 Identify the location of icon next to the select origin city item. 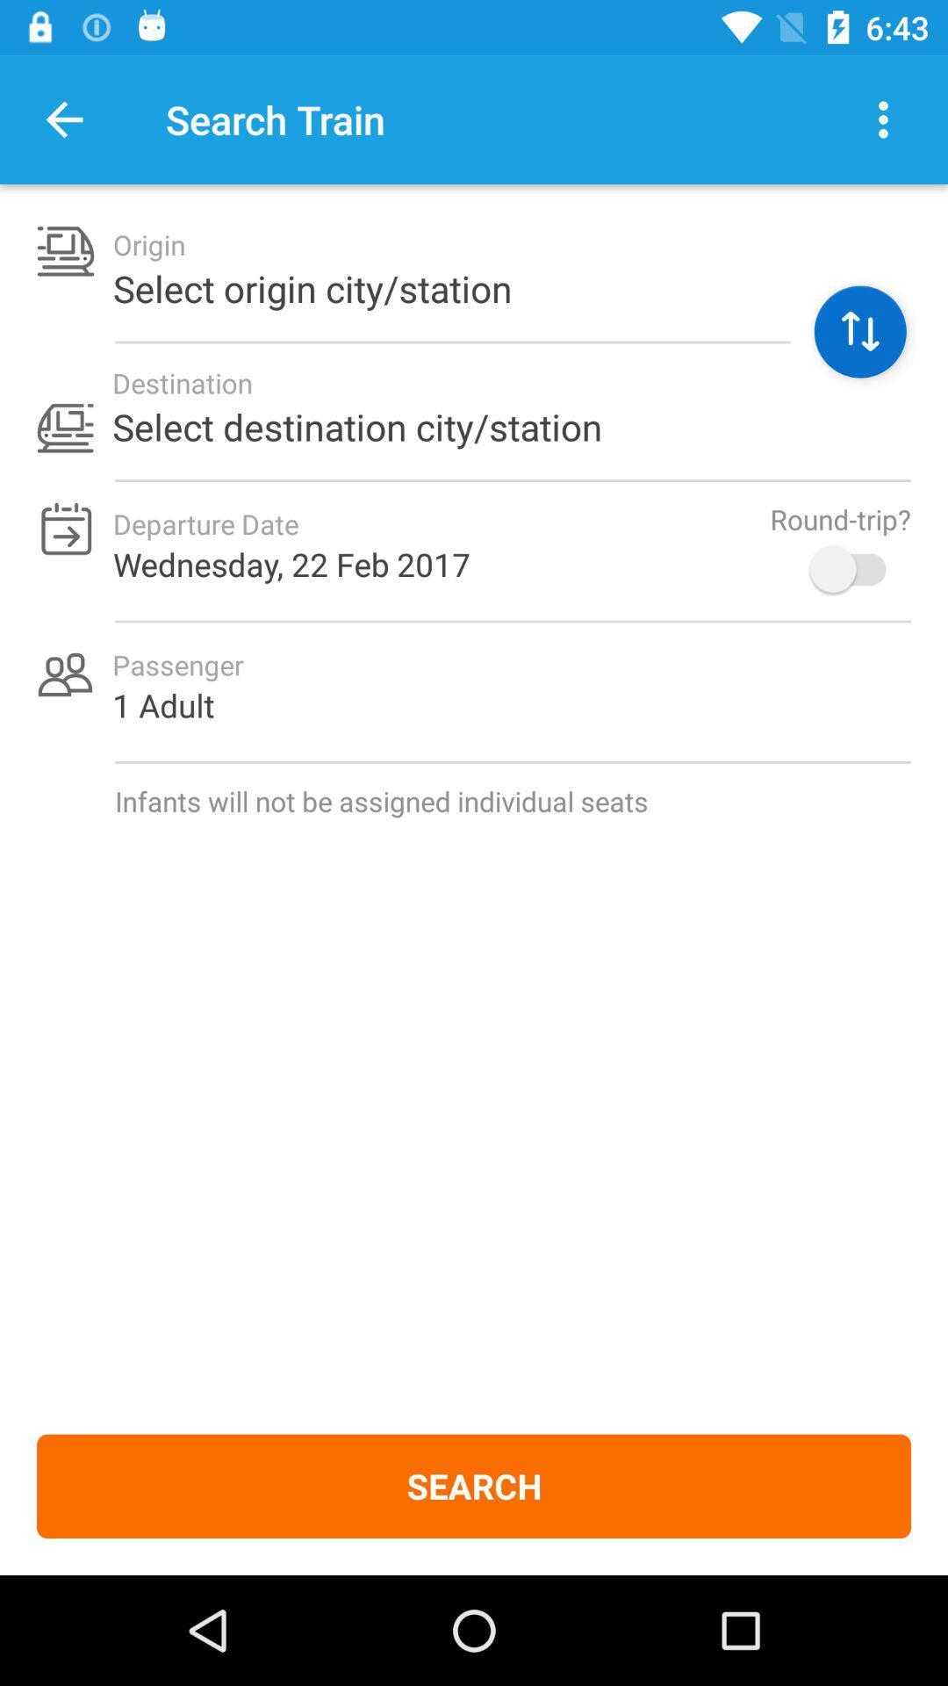
(859, 332).